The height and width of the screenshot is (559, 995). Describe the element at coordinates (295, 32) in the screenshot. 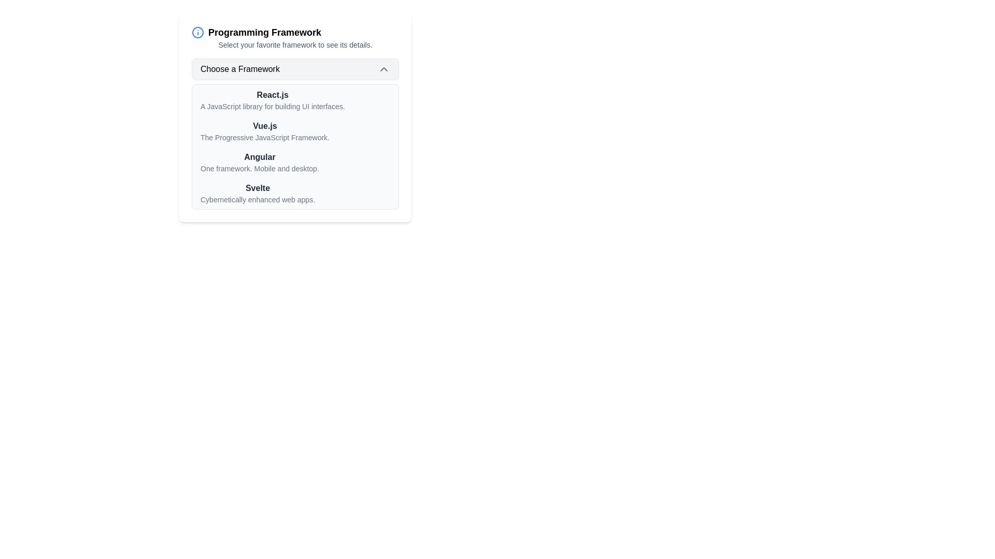

I see `the Label or heading component that serves as the title for the section describing framework options, positioned at the top of the section` at that location.